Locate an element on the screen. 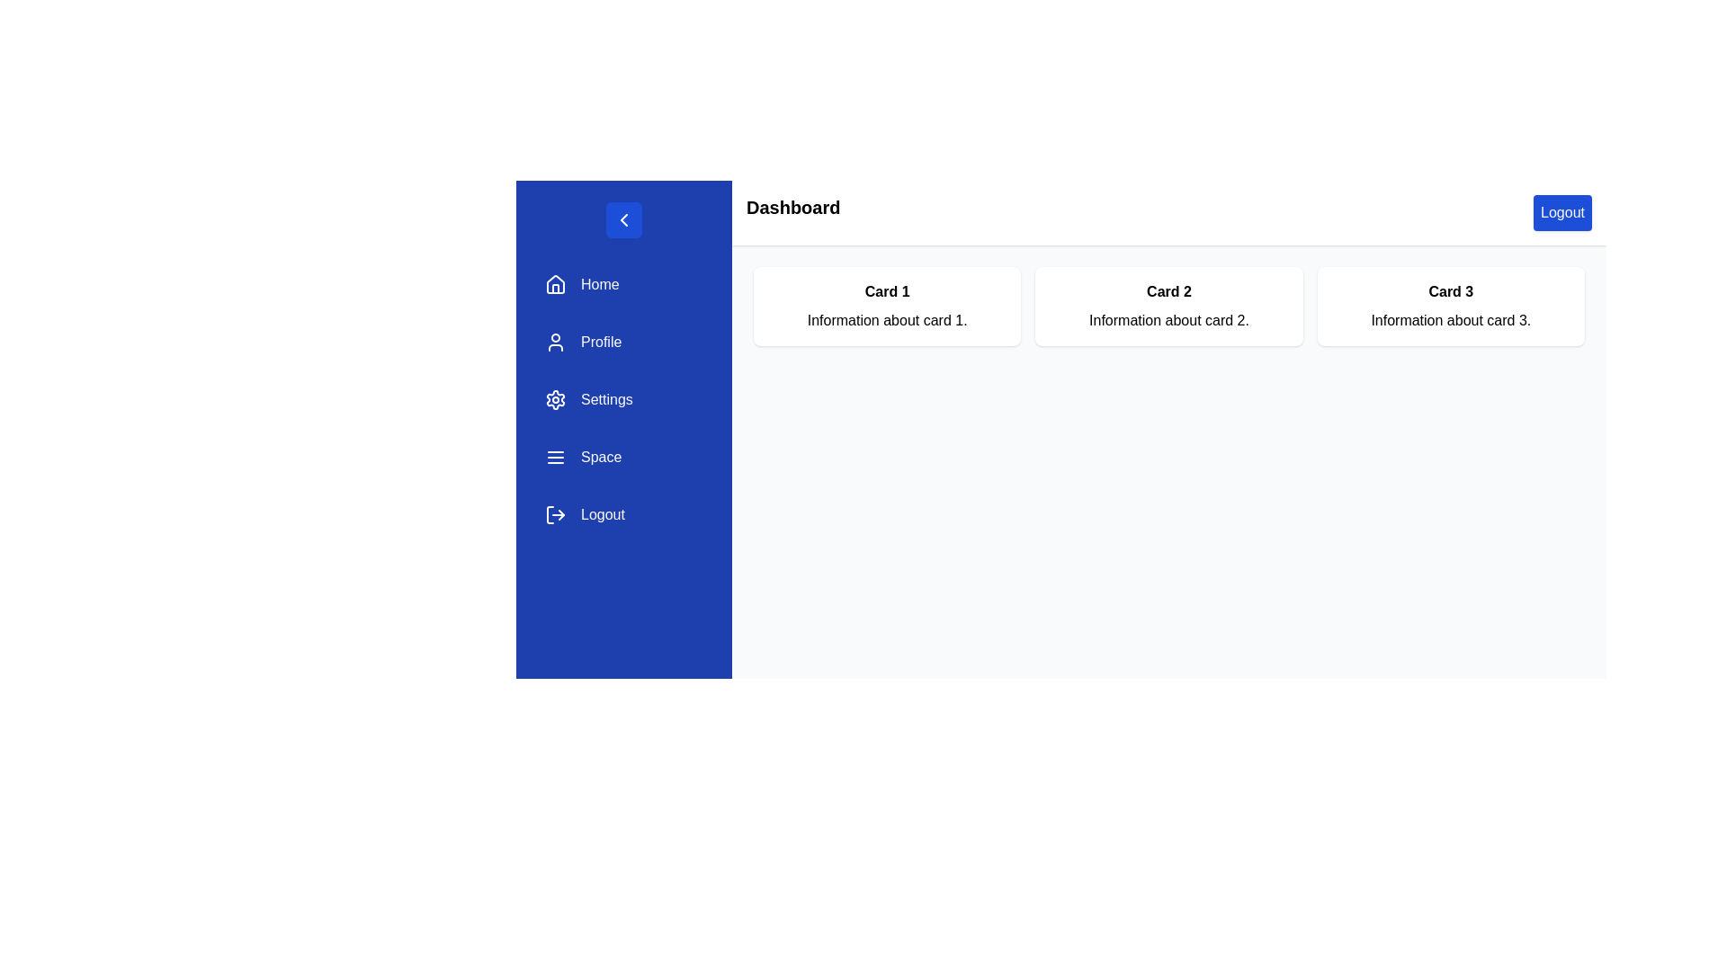  the fourth navigation button labeled 'Space' in the vertical navigation bar is located at coordinates (624, 457).